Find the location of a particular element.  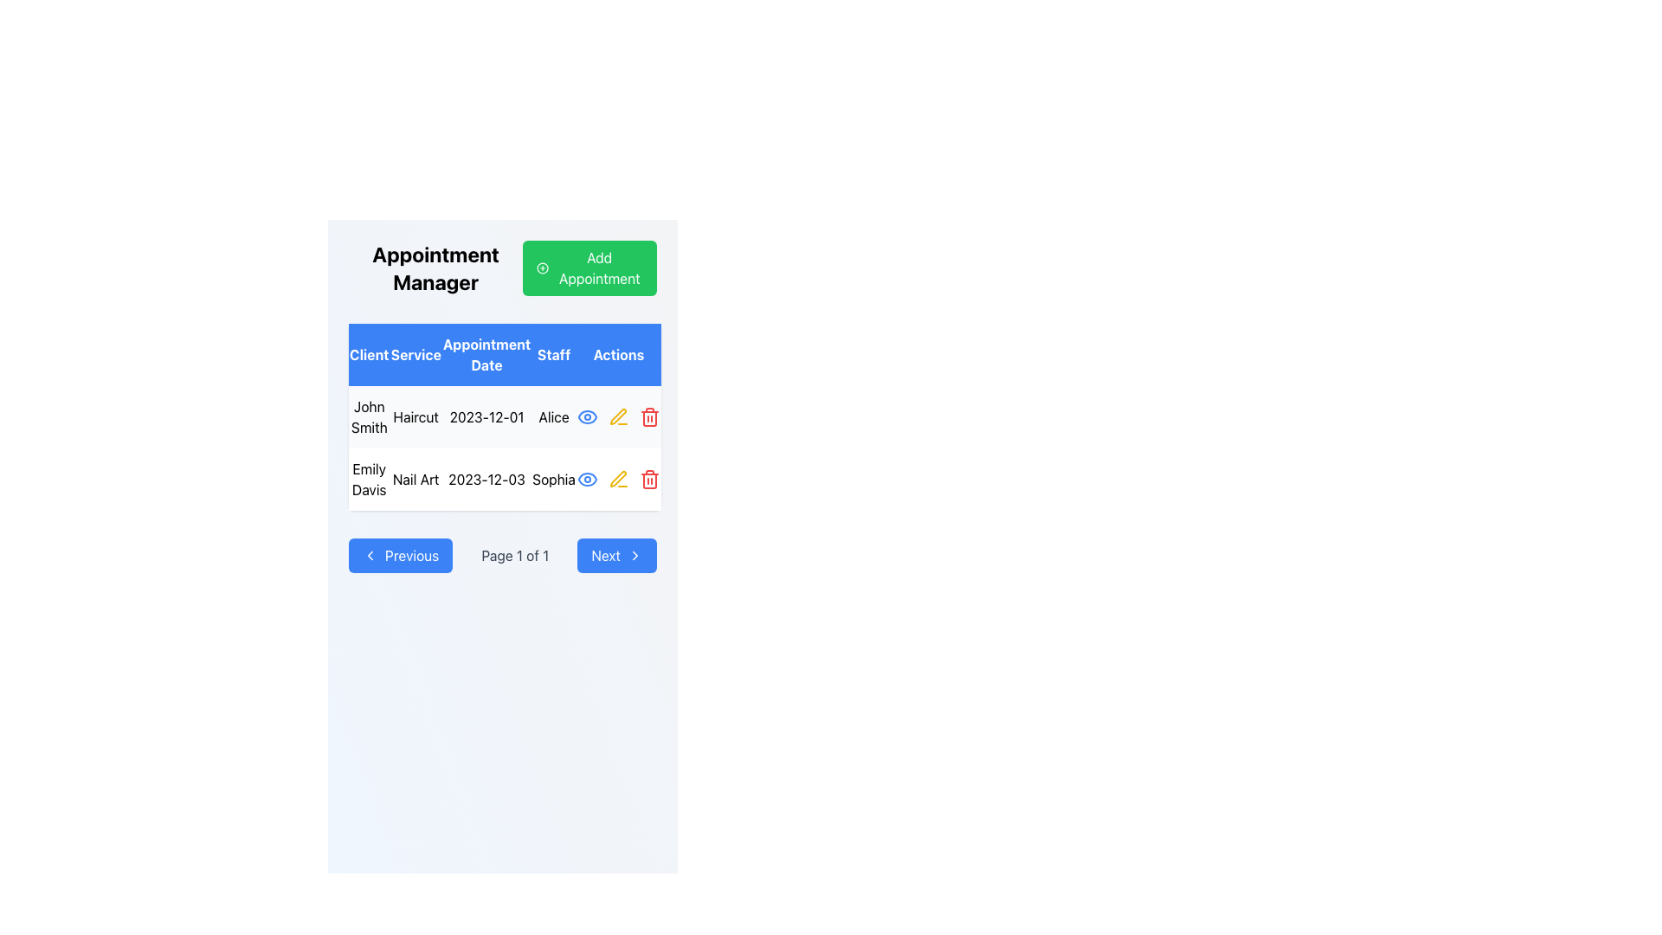

the button that allows users to add a new appointment to the schedule, located to the right of the 'Appointment Manager' text in the header area is located at coordinates (589, 268).